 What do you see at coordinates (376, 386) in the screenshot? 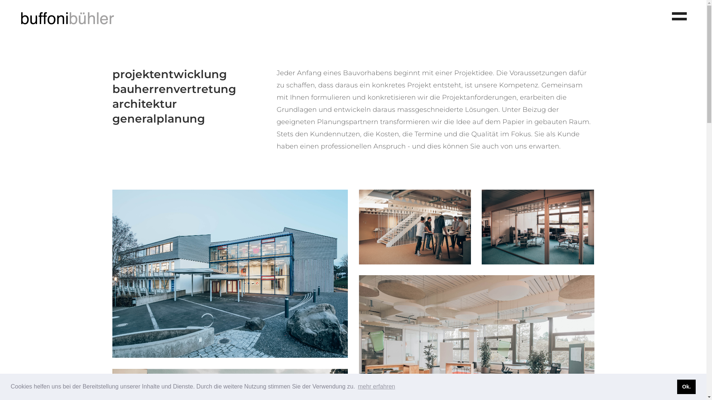
I see `'mehr erfahren'` at bounding box center [376, 386].